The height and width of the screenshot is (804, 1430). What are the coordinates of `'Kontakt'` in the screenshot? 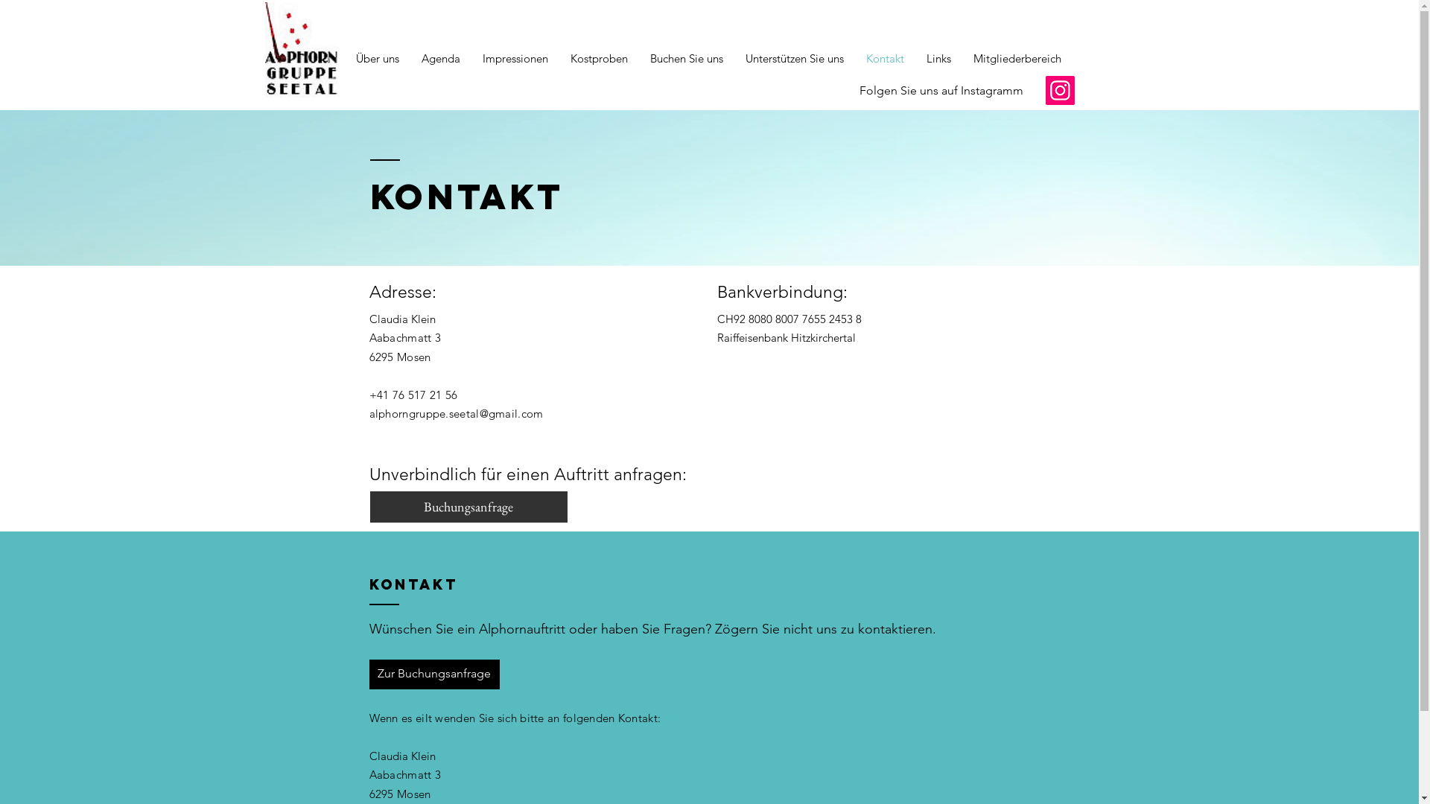 It's located at (885, 57).